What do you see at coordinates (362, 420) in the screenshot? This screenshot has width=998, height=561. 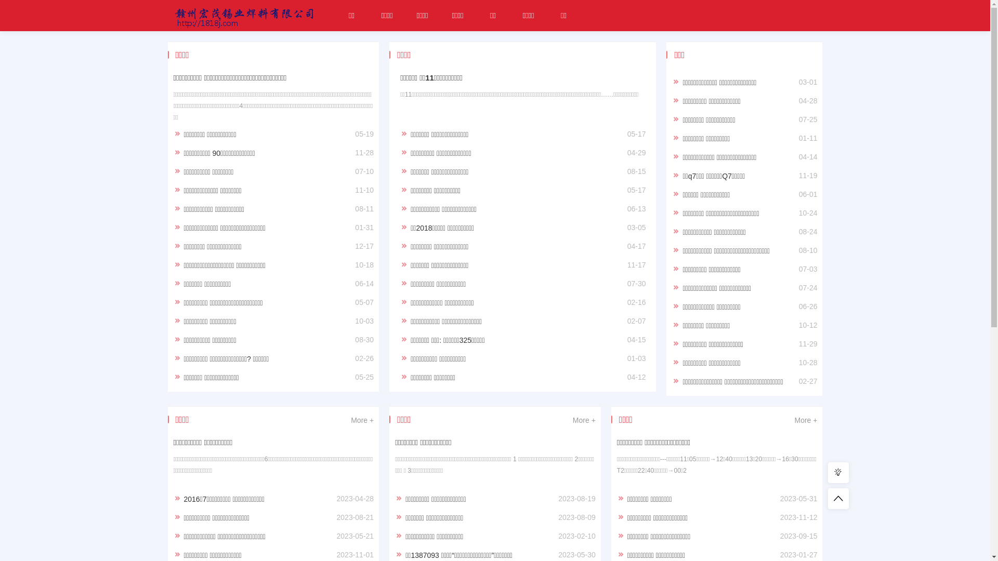 I see `'More +'` at bounding box center [362, 420].